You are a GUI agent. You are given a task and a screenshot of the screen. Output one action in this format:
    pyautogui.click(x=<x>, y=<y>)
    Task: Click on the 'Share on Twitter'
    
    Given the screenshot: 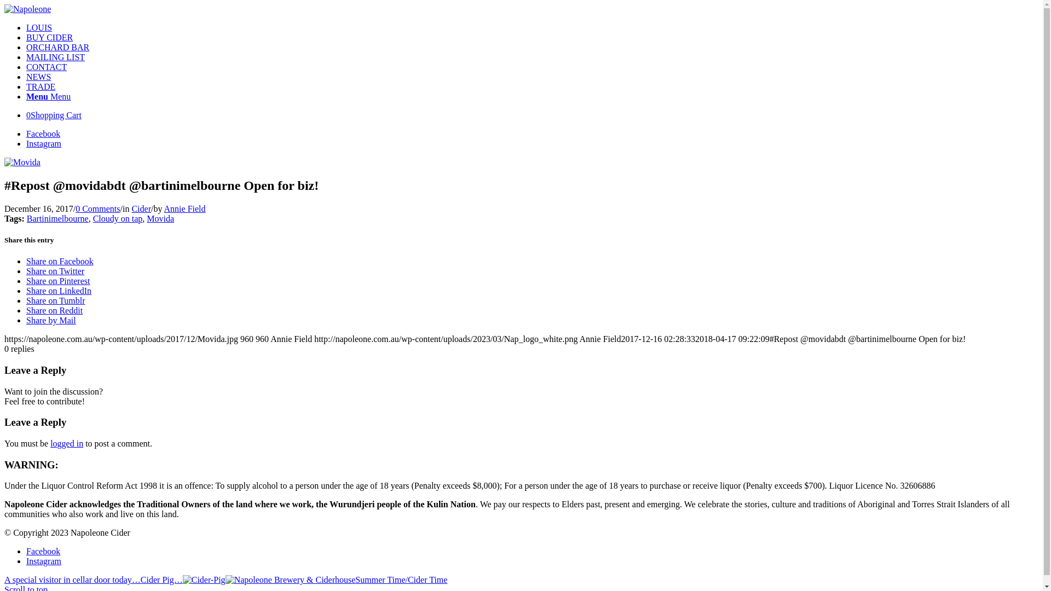 What is the action you would take?
    pyautogui.click(x=54, y=271)
    